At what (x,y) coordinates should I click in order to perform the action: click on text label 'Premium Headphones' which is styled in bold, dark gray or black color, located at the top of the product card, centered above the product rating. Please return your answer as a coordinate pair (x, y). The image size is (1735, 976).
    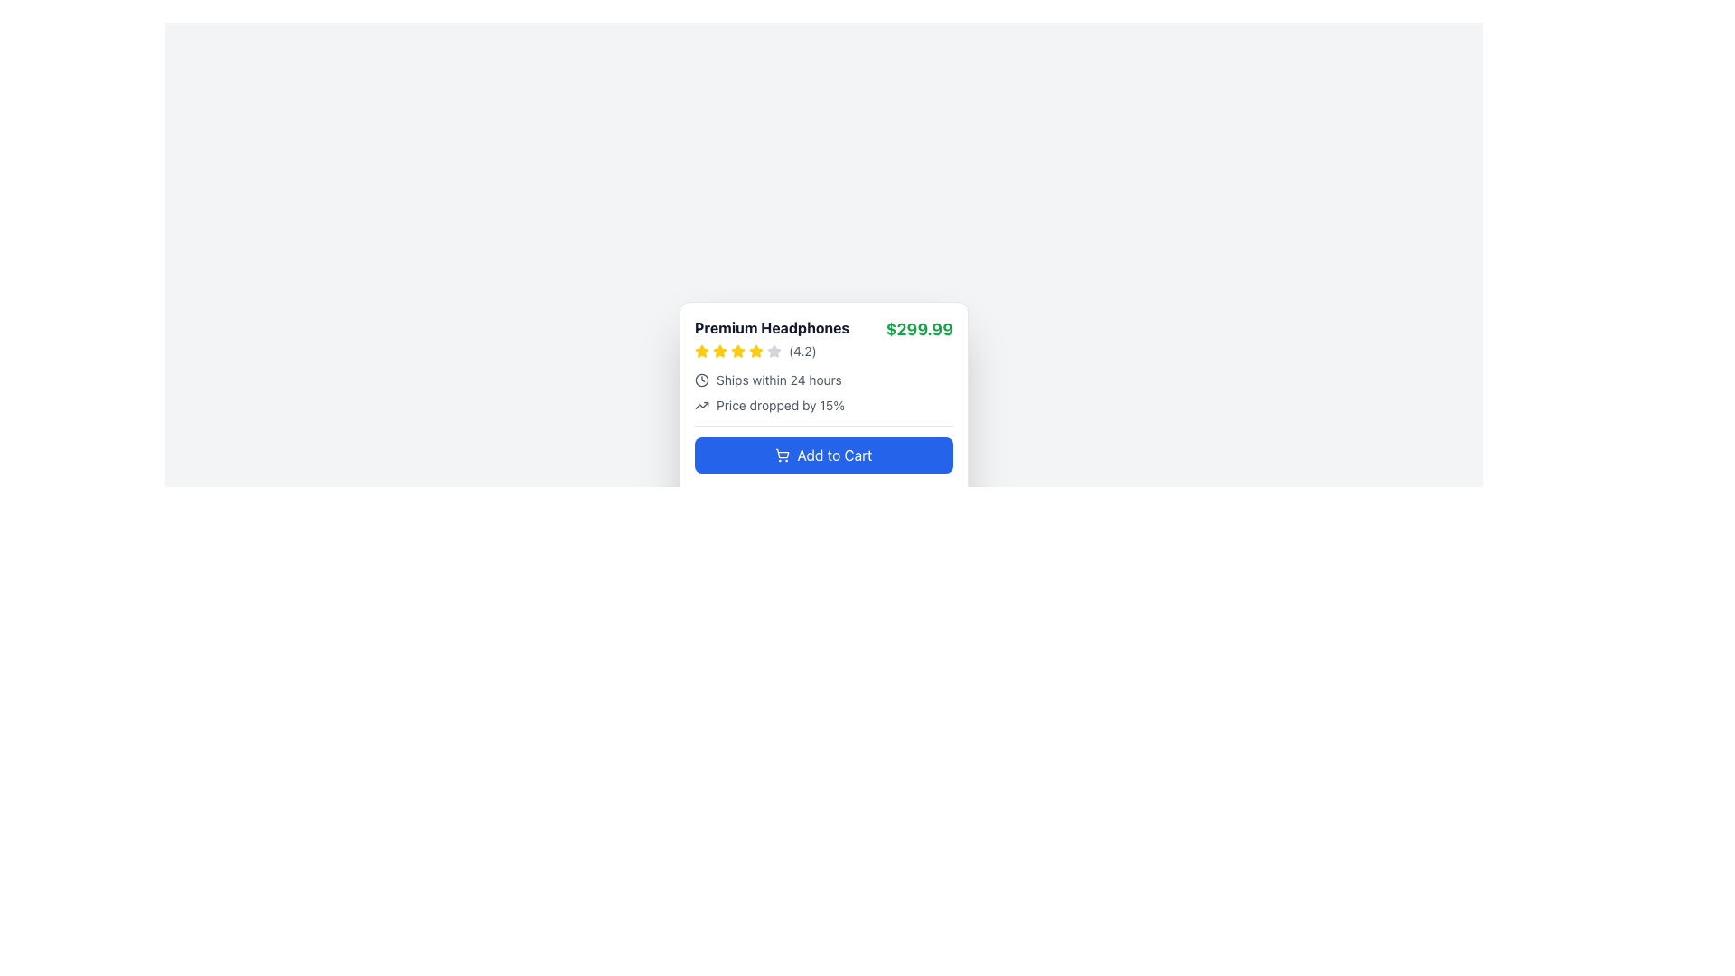
    Looking at the image, I should click on (772, 327).